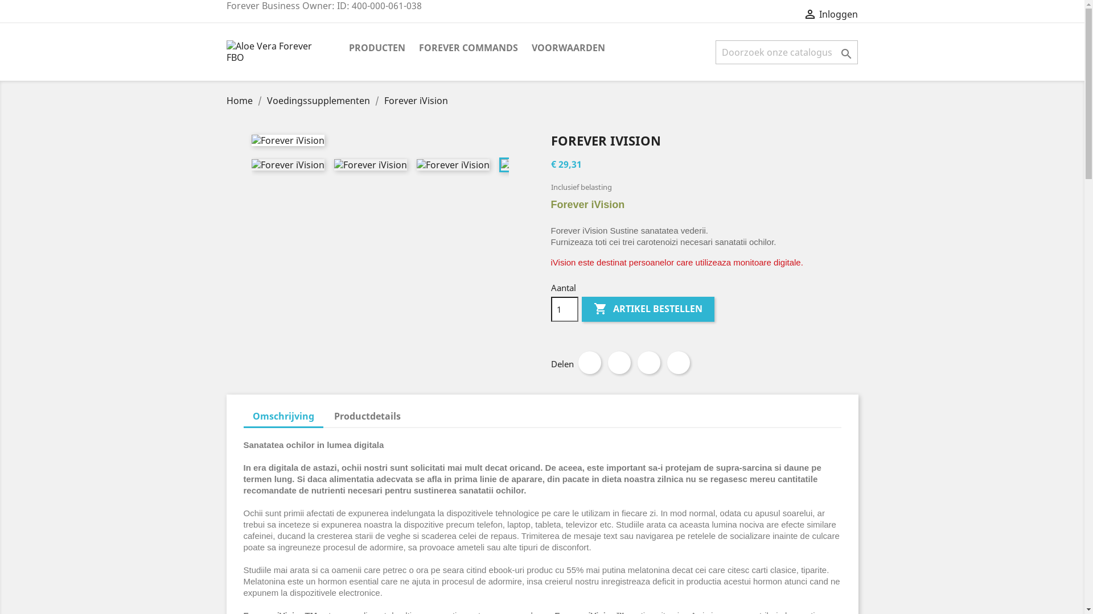 This screenshot has width=1093, height=614. What do you see at coordinates (319, 100) in the screenshot?
I see `'Voedingssupplementen'` at bounding box center [319, 100].